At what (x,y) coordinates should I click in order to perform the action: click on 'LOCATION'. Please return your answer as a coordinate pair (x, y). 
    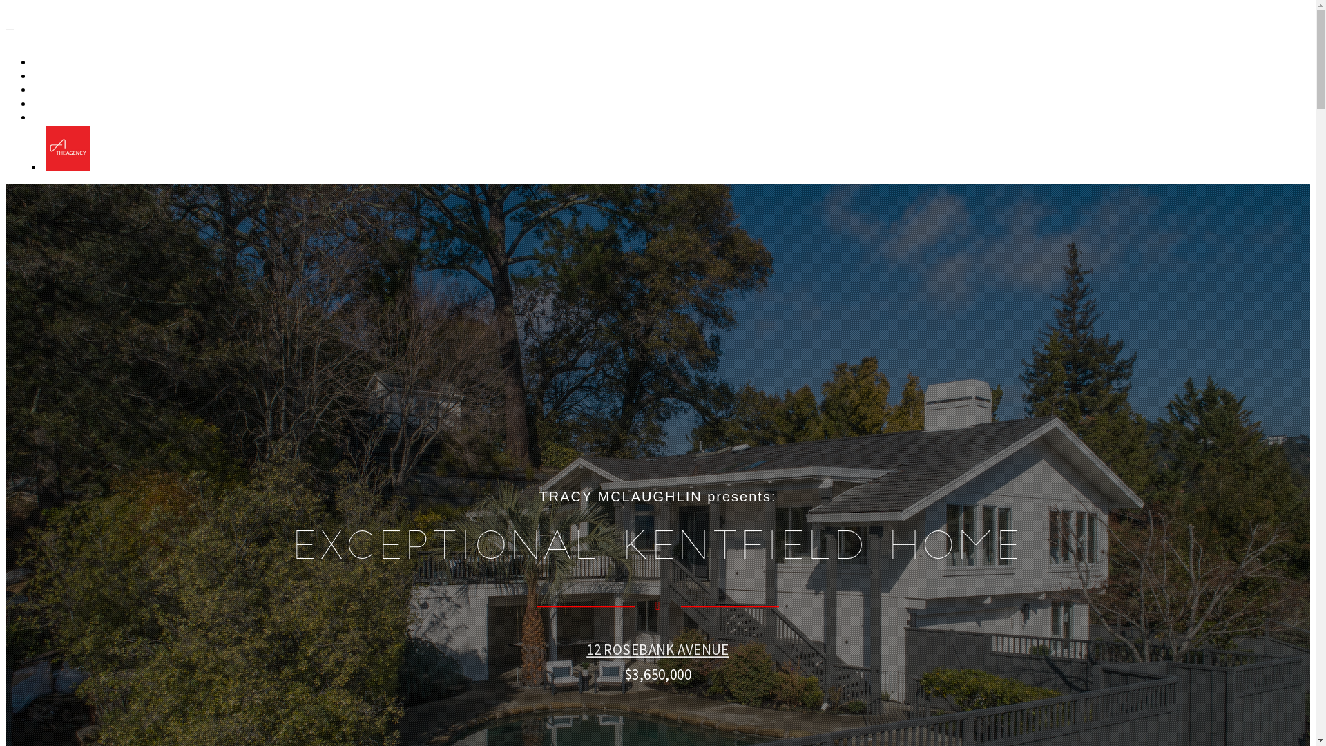
    Looking at the image, I should click on (64, 103).